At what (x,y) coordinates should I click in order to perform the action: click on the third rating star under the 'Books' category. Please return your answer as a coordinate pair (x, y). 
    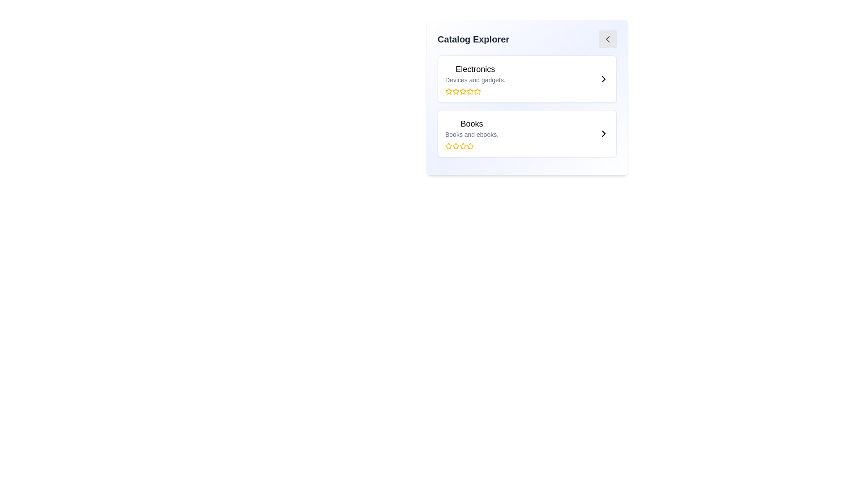
    Looking at the image, I should click on (470, 145).